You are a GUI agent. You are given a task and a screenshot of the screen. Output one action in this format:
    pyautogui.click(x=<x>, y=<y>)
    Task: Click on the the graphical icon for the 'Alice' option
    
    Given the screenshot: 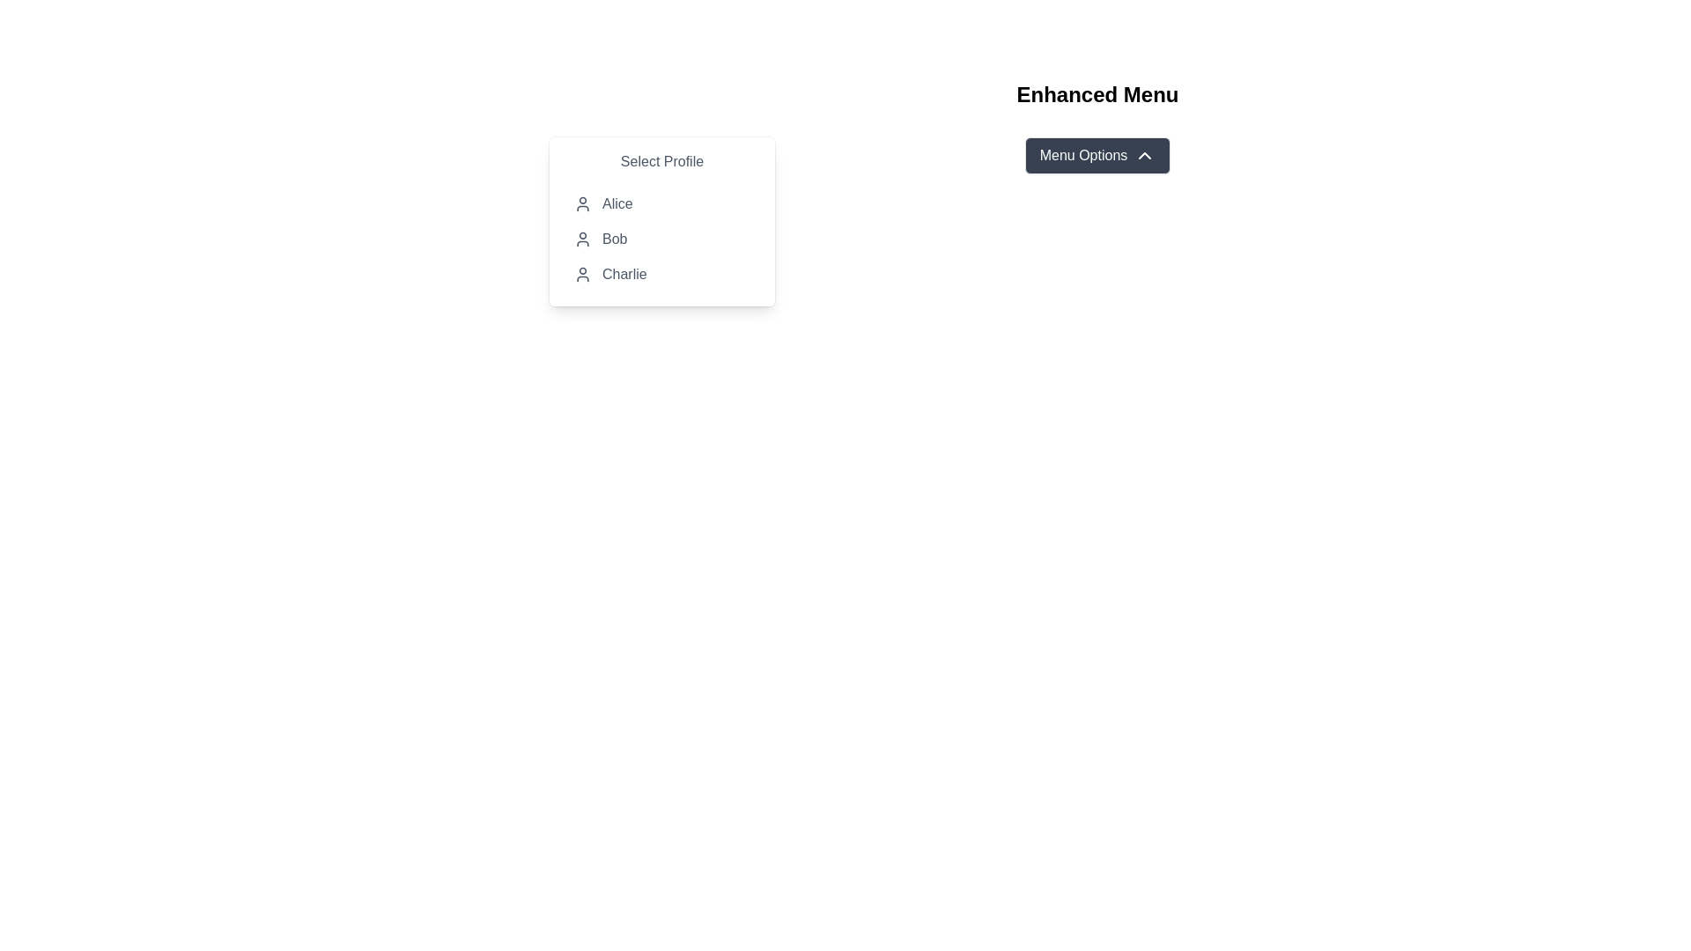 What is the action you would take?
    pyautogui.click(x=583, y=203)
    